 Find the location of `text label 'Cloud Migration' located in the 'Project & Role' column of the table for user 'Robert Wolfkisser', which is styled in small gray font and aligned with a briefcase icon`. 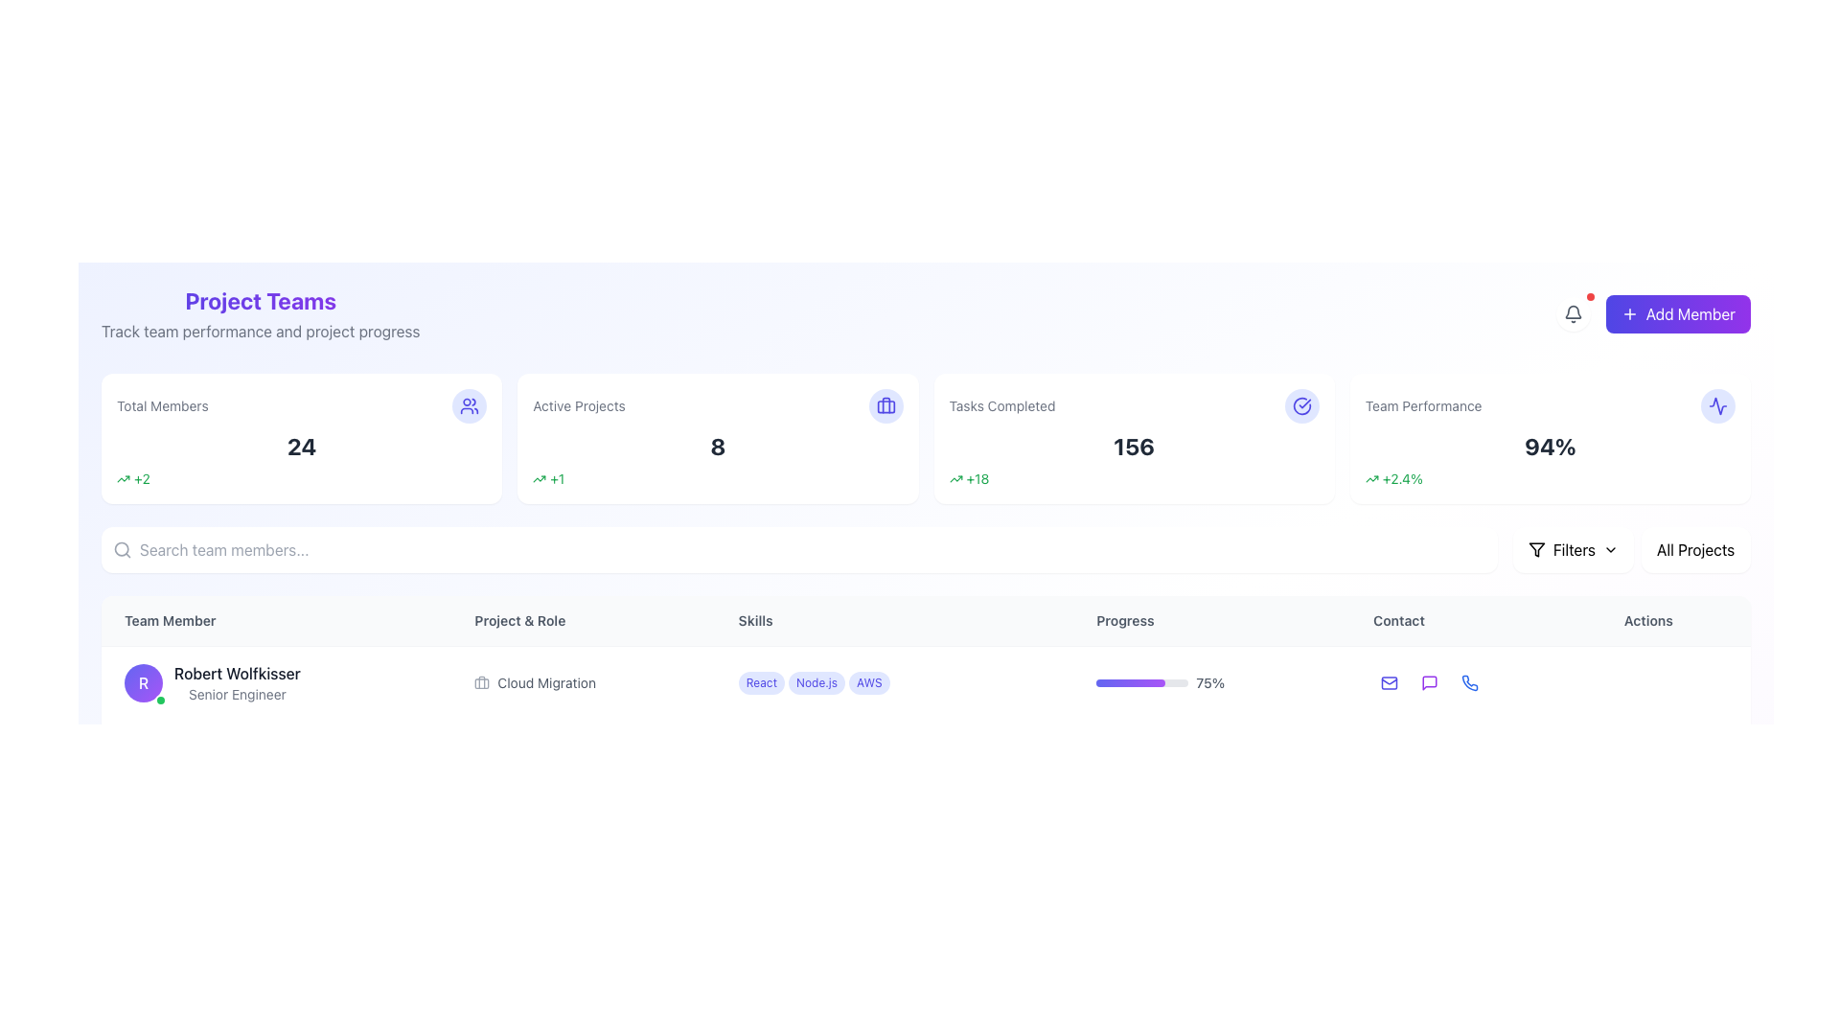

text label 'Cloud Migration' located in the 'Project & Role' column of the table for user 'Robert Wolfkisser', which is styled in small gray font and aligned with a briefcase icon is located at coordinates (545, 682).